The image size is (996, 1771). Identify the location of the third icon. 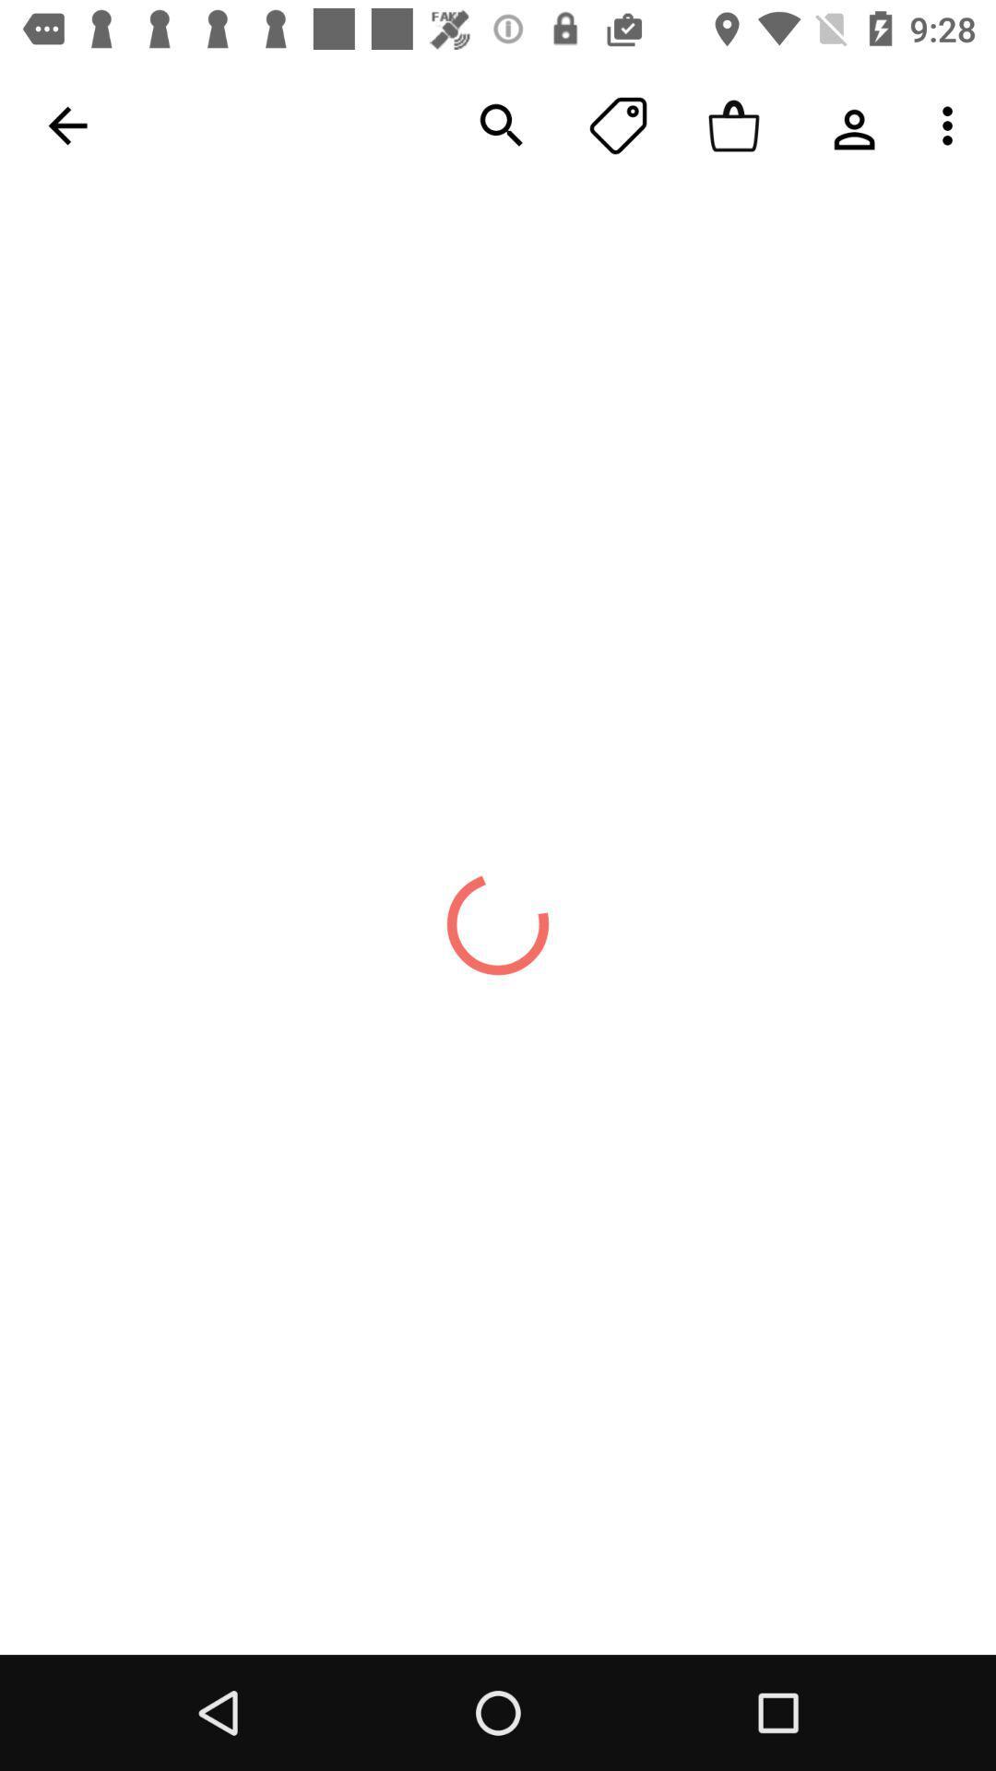
(733, 125).